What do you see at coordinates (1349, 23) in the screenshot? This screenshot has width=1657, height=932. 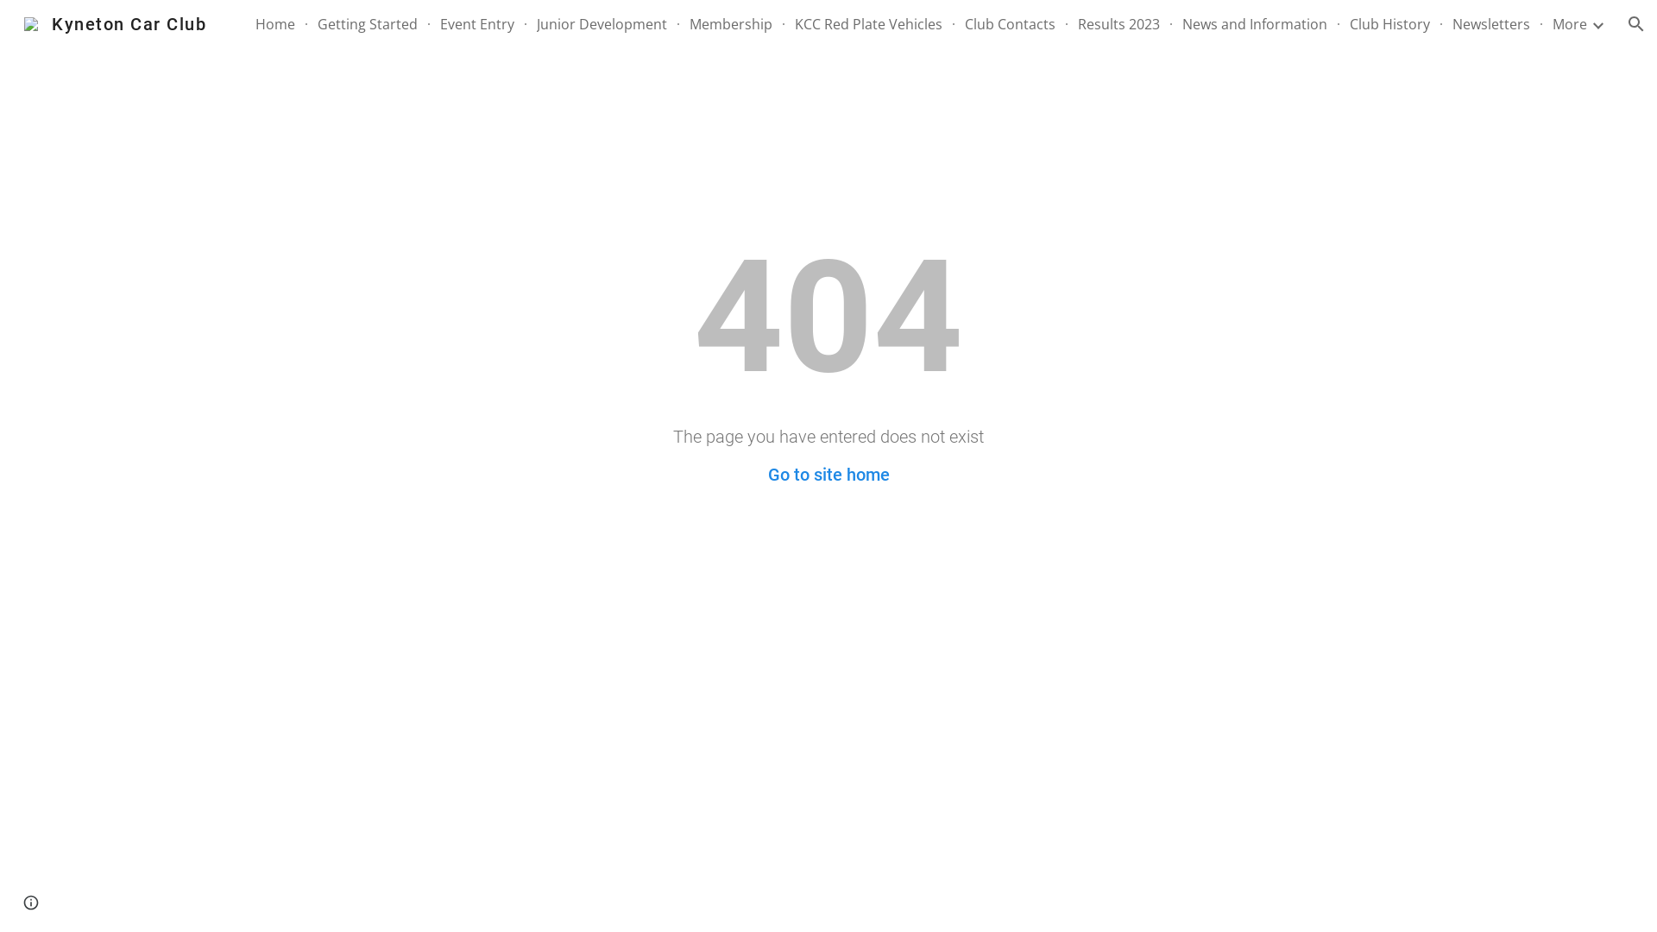 I see `'Club History'` at bounding box center [1349, 23].